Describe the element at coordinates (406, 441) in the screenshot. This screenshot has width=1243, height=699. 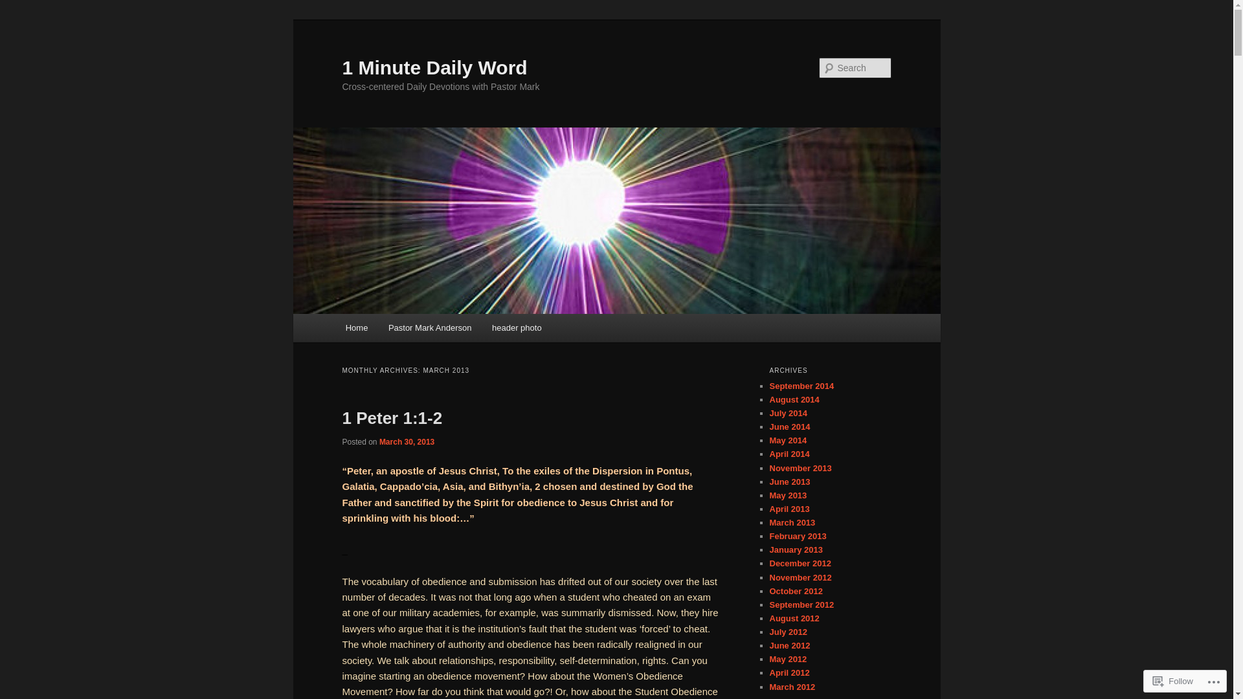
I see `'March 30, 2013'` at that location.